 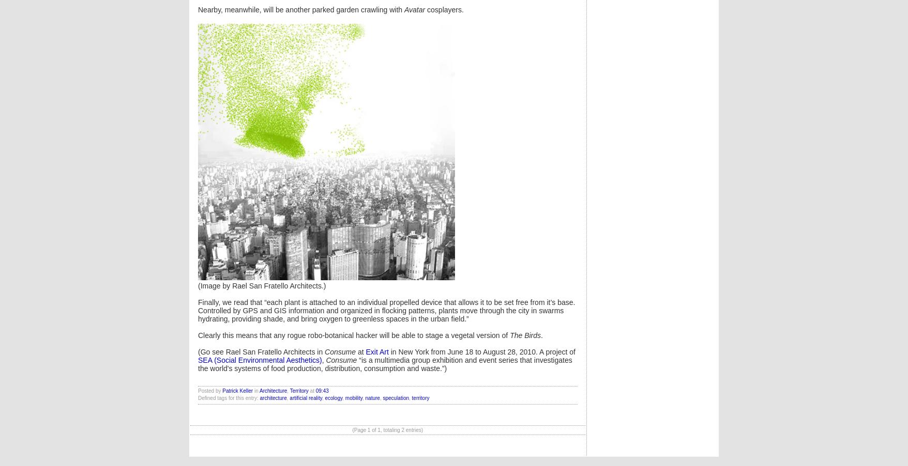 What do you see at coordinates (481, 351) in the screenshot?
I see `'in New York from June 18 to August 28, 2010. A project of'` at bounding box center [481, 351].